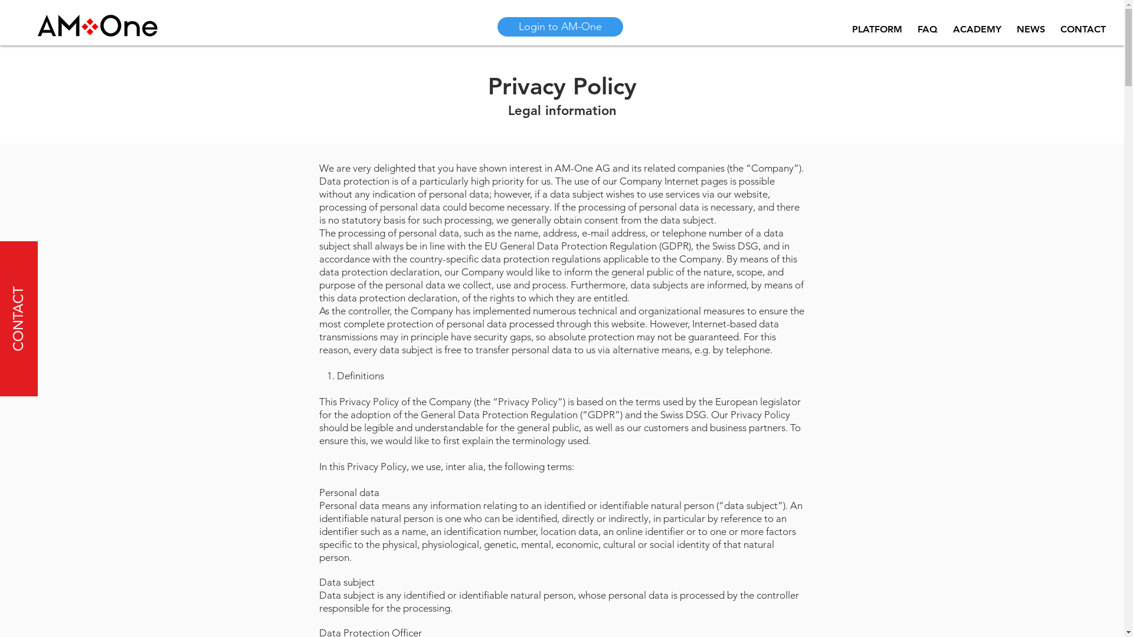 The image size is (1133, 637). Describe the element at coordinates (926, 29) in the screenshot. I see `'FAQ'` at that location.